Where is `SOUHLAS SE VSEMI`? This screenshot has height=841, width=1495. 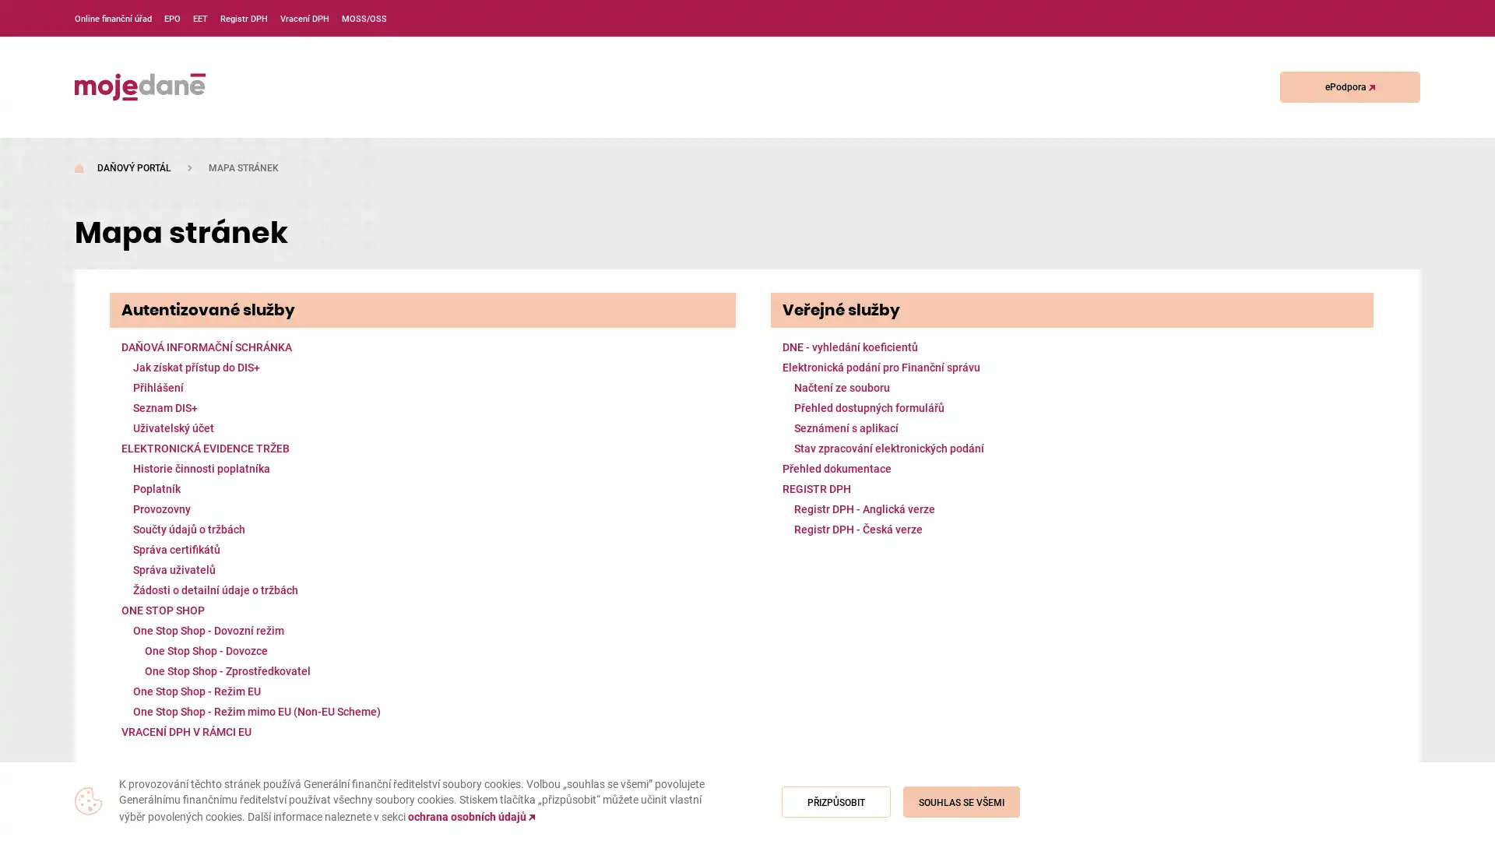
SOUHLAS SE VSEMI is located at coordinates (960, 801).